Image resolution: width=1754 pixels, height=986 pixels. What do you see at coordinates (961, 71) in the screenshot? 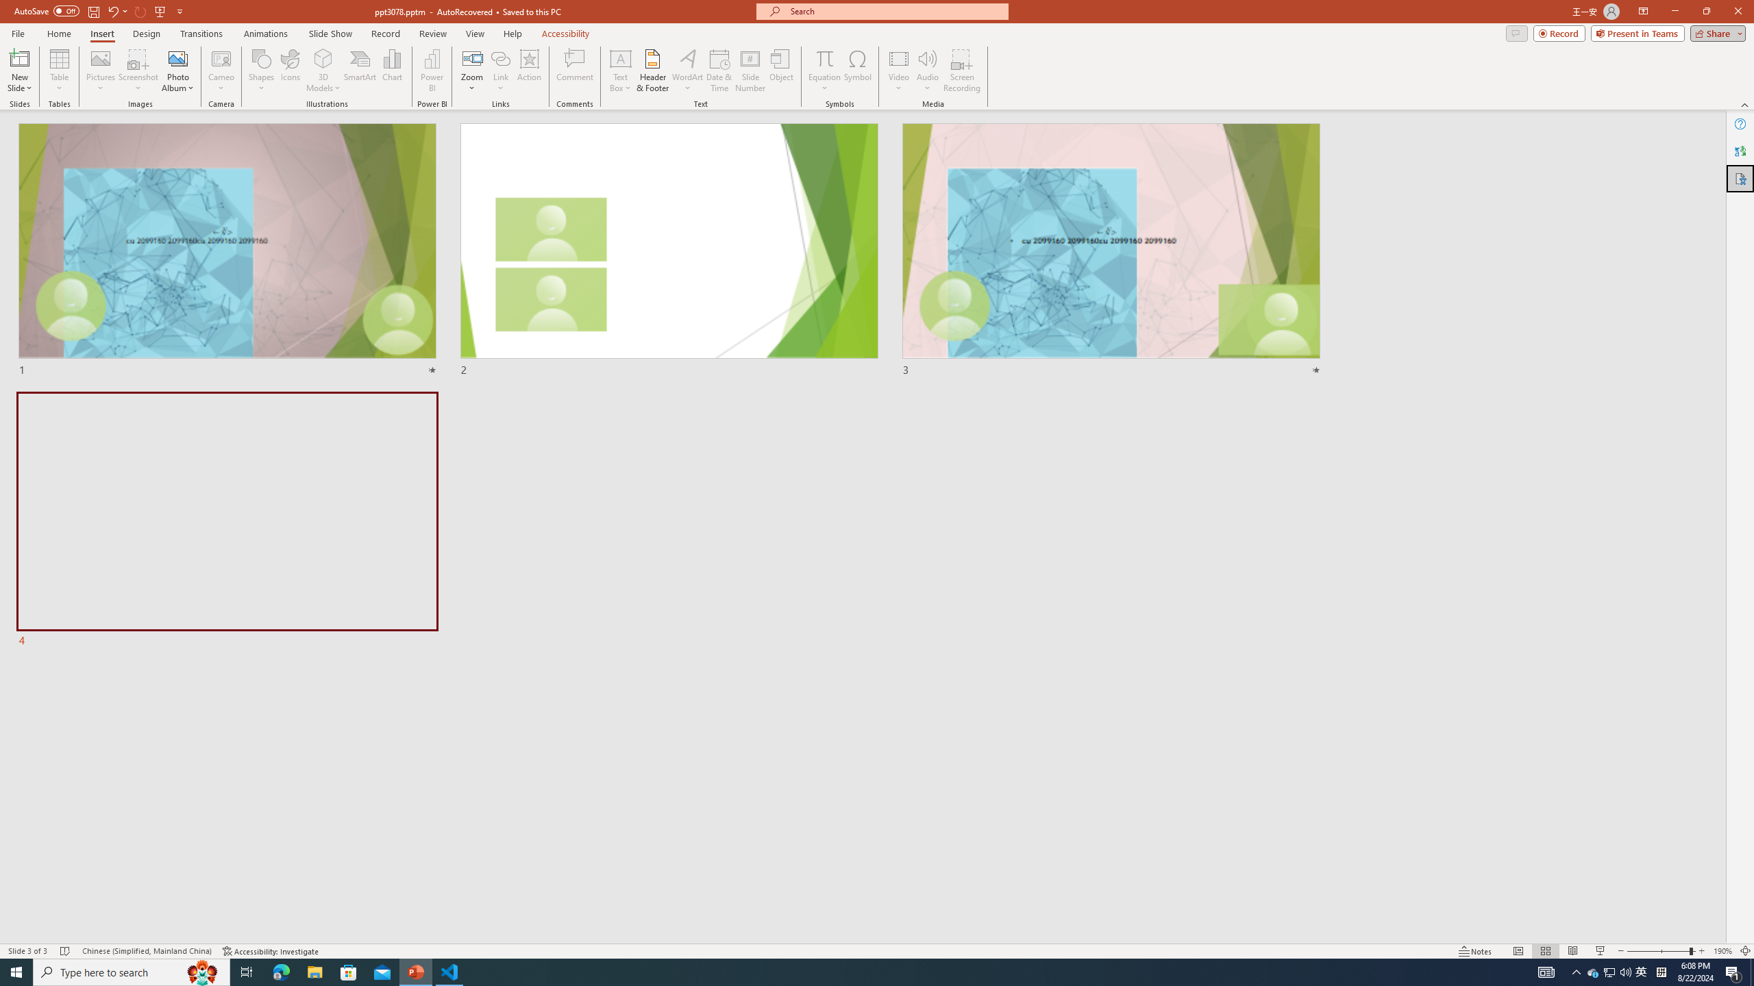
I see `'Screen Recording...'` at bounding box center [961, 71].